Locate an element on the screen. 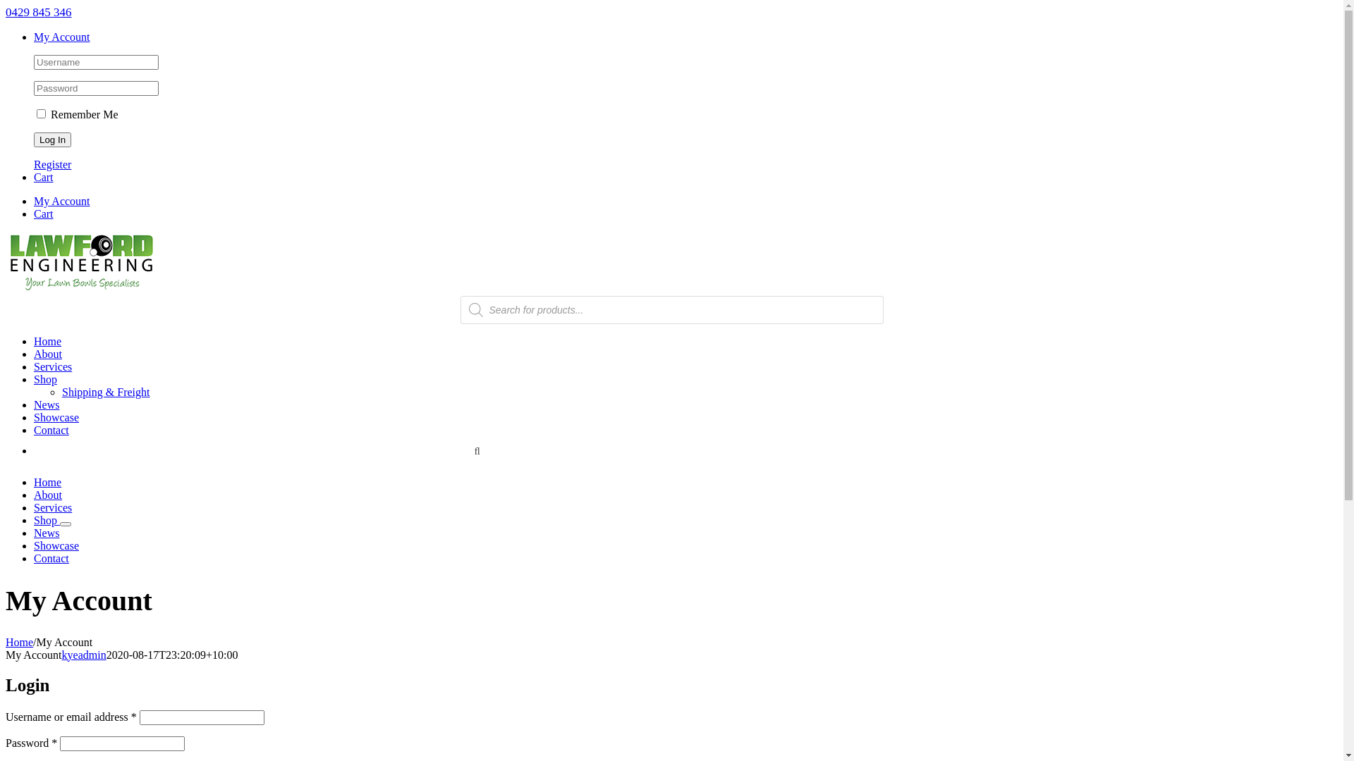 Image resolution: width=1354 pixels, height=761 pixels. 'Showcase' is located at coordinates (56, 416).